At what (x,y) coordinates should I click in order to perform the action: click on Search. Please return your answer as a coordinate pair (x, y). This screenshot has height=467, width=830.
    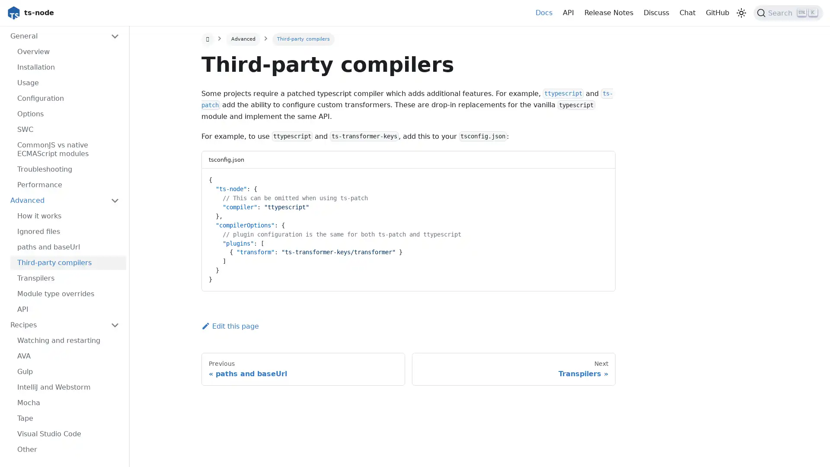
    Looking at the image, I should click on (788, 13).